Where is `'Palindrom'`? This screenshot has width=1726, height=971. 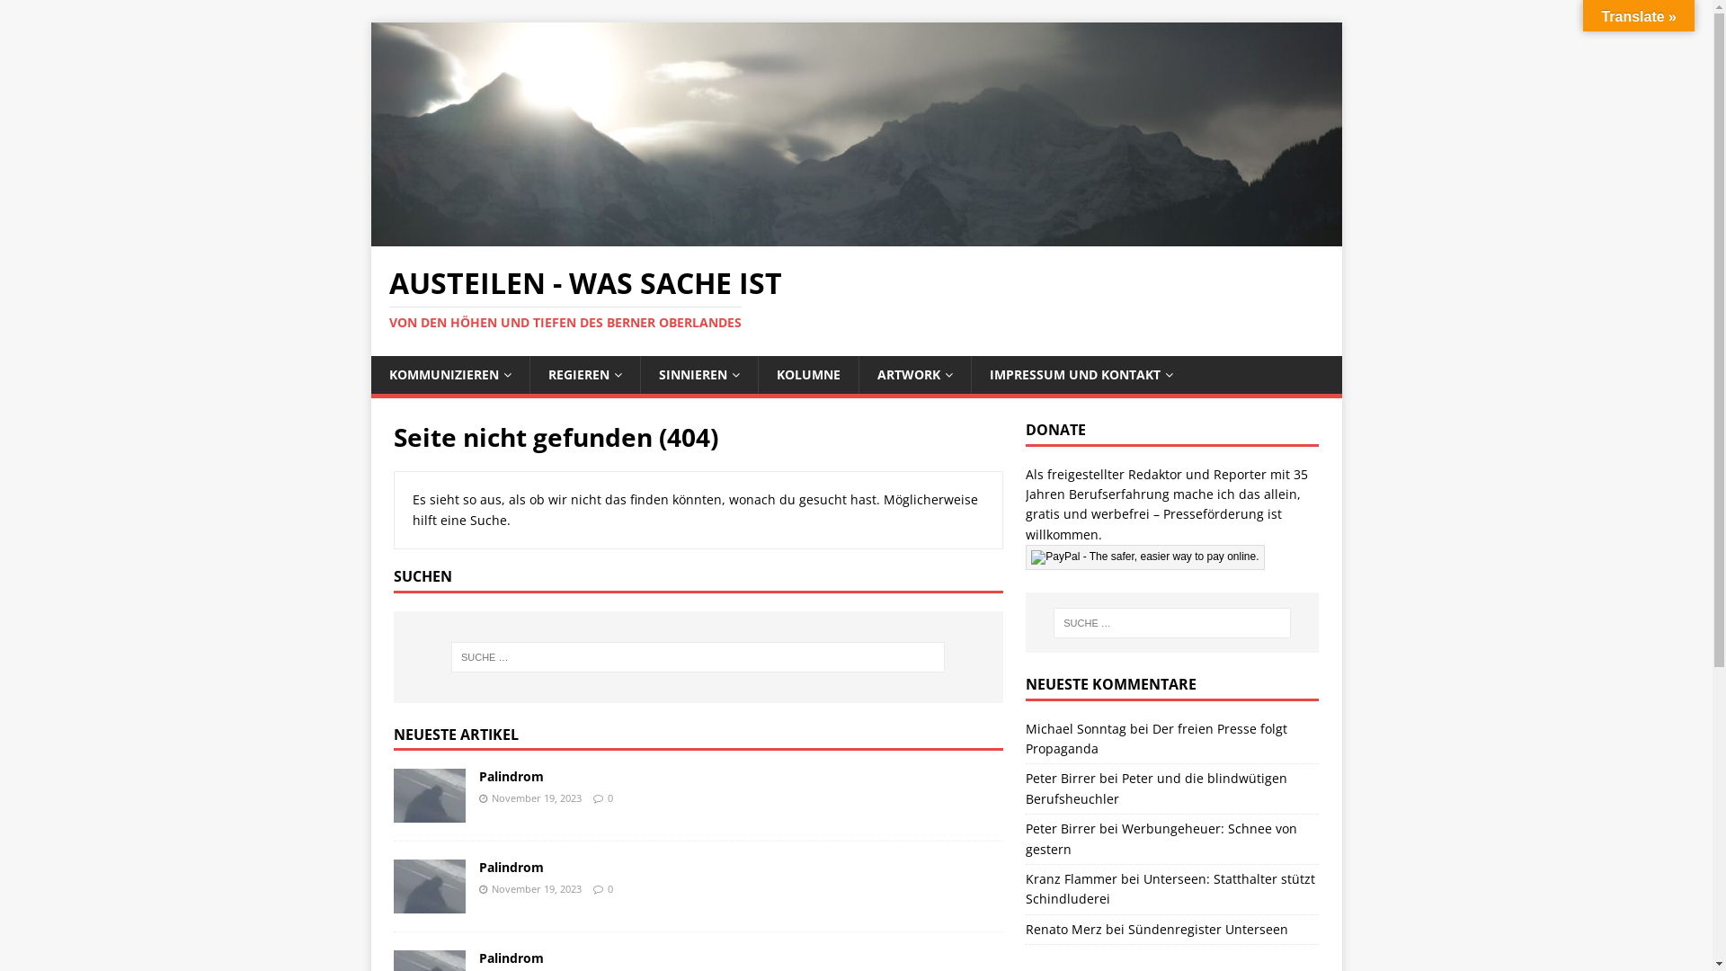 'Palindrom' is located at coordinates (429, 812).